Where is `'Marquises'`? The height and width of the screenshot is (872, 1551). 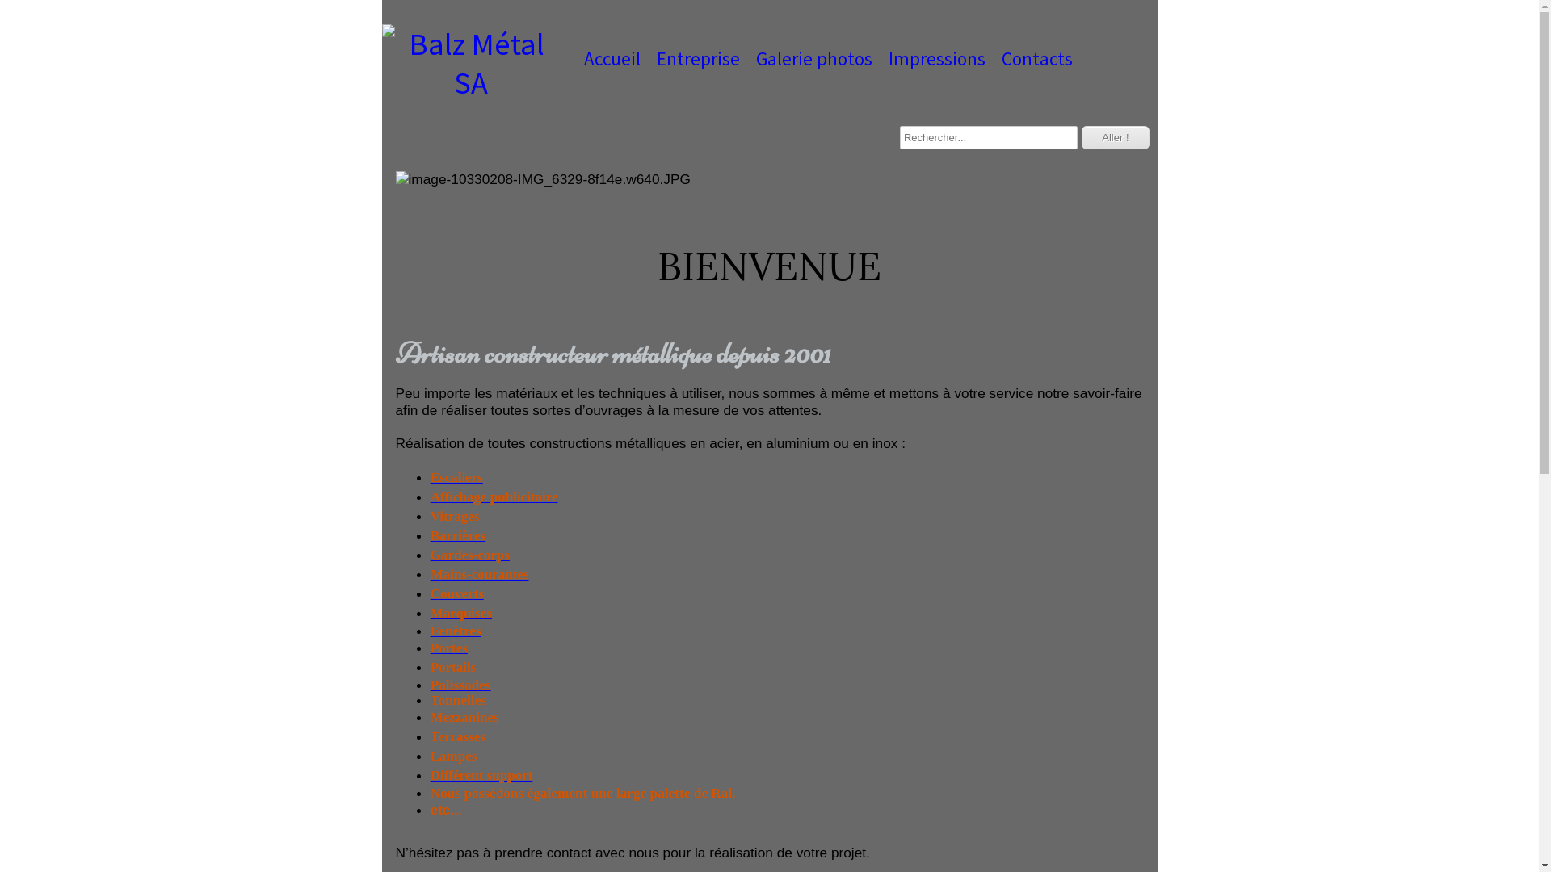 'Marquises' is located at coordinates (430, 613).